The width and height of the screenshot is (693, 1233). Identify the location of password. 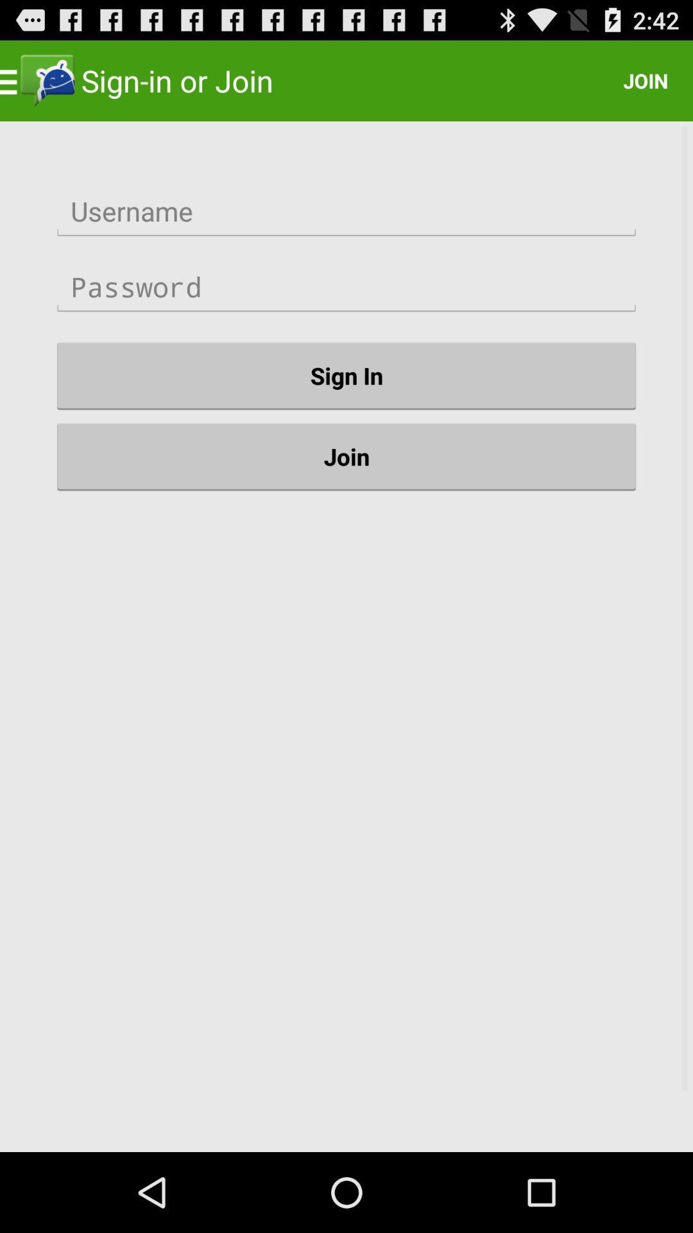
(346, 286).